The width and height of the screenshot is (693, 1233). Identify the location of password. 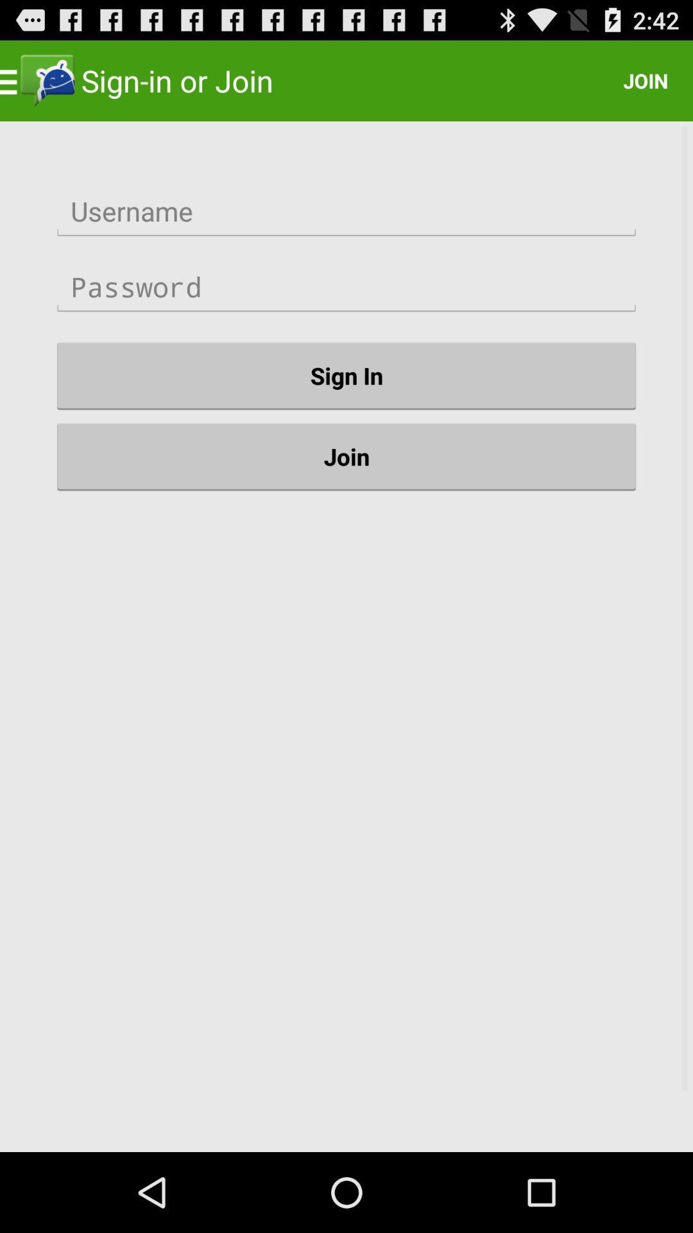
(346, 286).